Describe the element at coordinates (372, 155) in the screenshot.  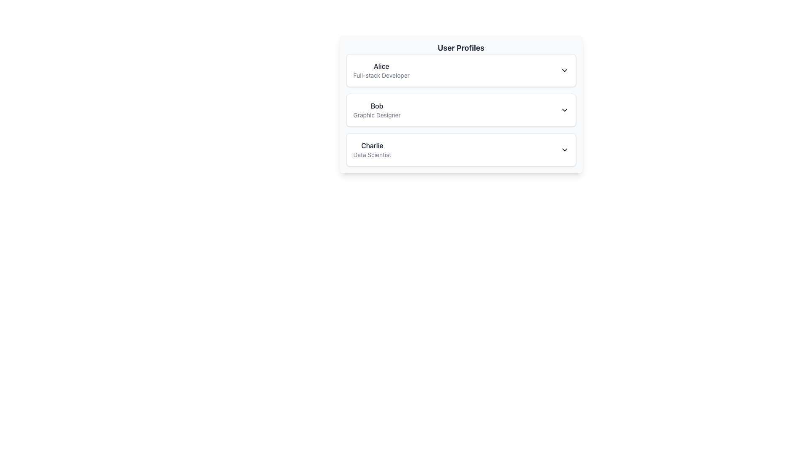
I see `the text label indicating the profession or role associated with 'Charlie', which is located in the third entry under 'User Profiles'` at that location.